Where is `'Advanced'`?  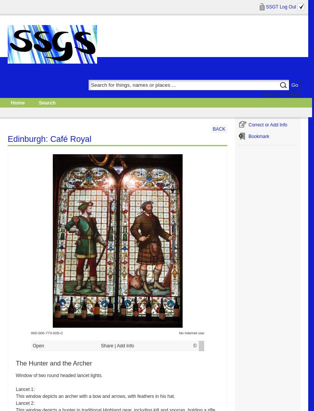 'Advanced' is located at coordinates (260, 94).